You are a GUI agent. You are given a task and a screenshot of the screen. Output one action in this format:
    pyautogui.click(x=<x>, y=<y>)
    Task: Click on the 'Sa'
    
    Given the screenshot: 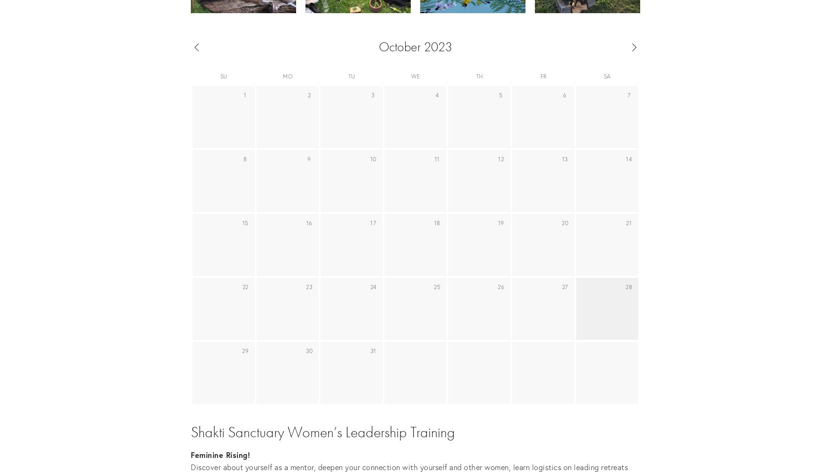 What is the action you would take?
    pyautogui.click(x=607, y=76)
    